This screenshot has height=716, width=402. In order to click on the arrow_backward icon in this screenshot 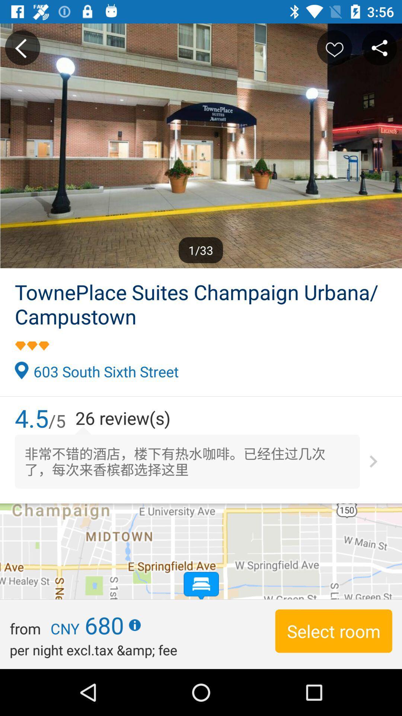, I will do `click(22, 47)`.